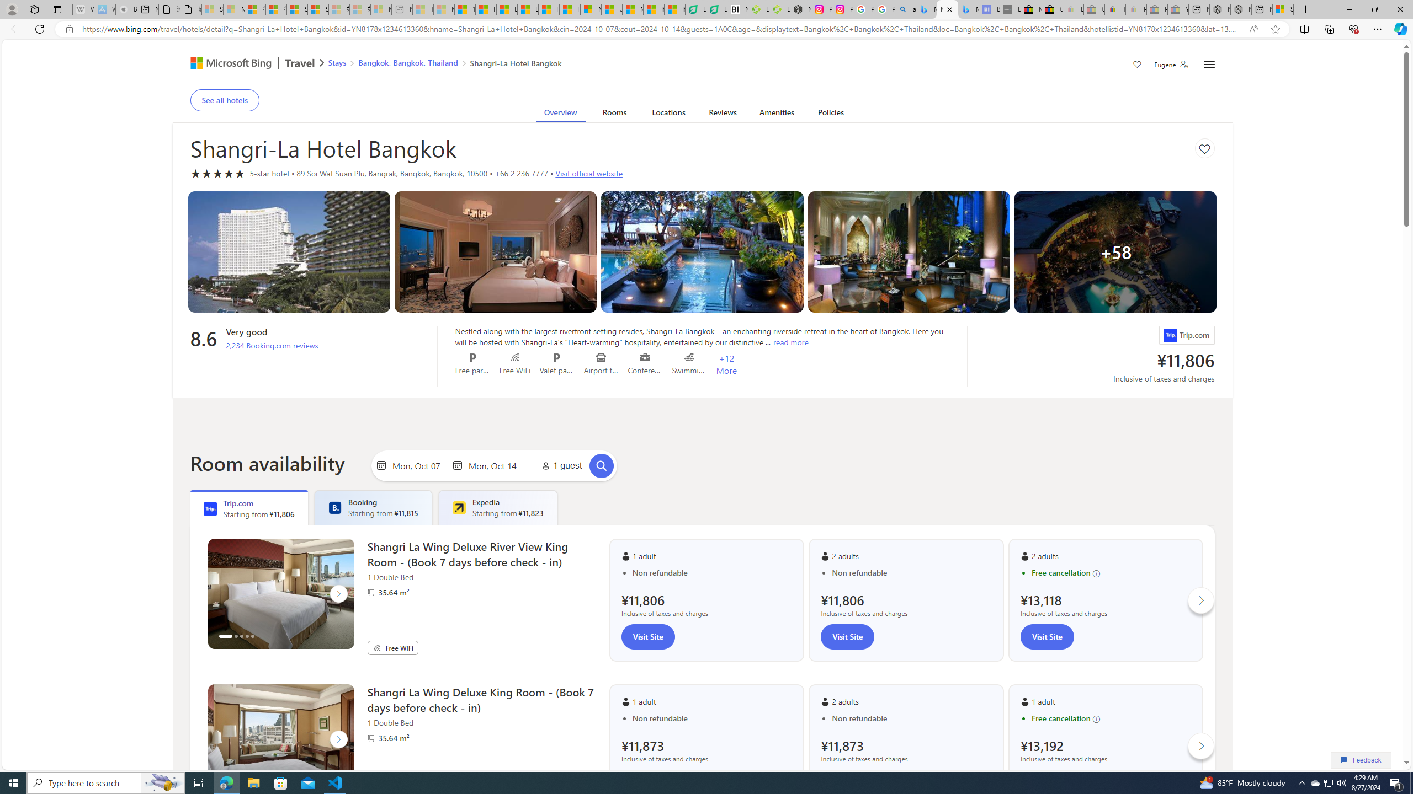  Describe the element at coordinates (1170, 335) in the screenshot. I see `'Trip.com'` at that location.